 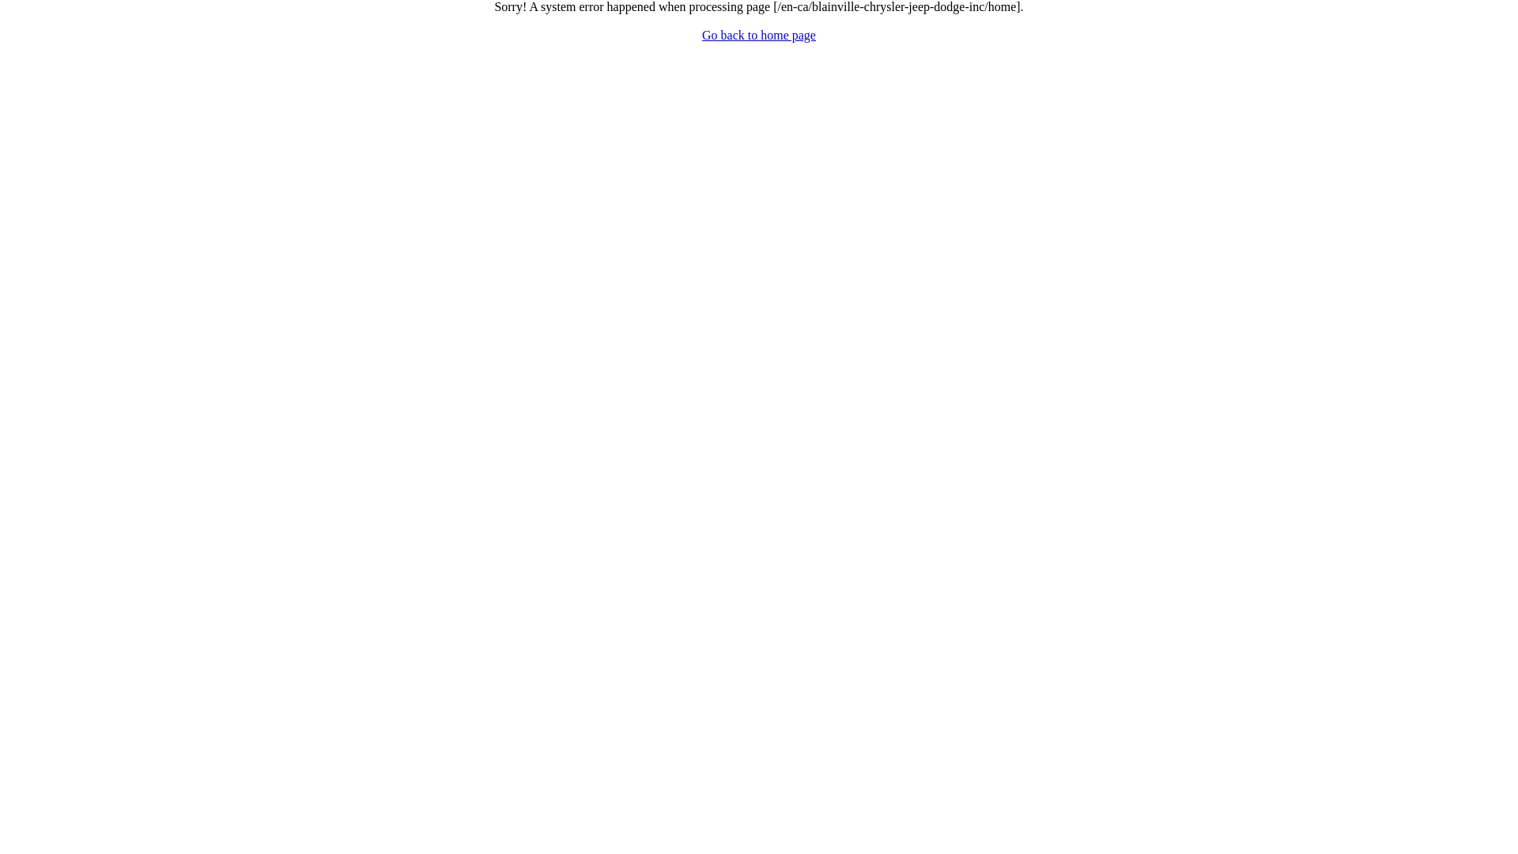 What do you see at coordinates (701, 35) in the screenshot?
I see `'Go back to home page'` at bounding box center [701, 35].